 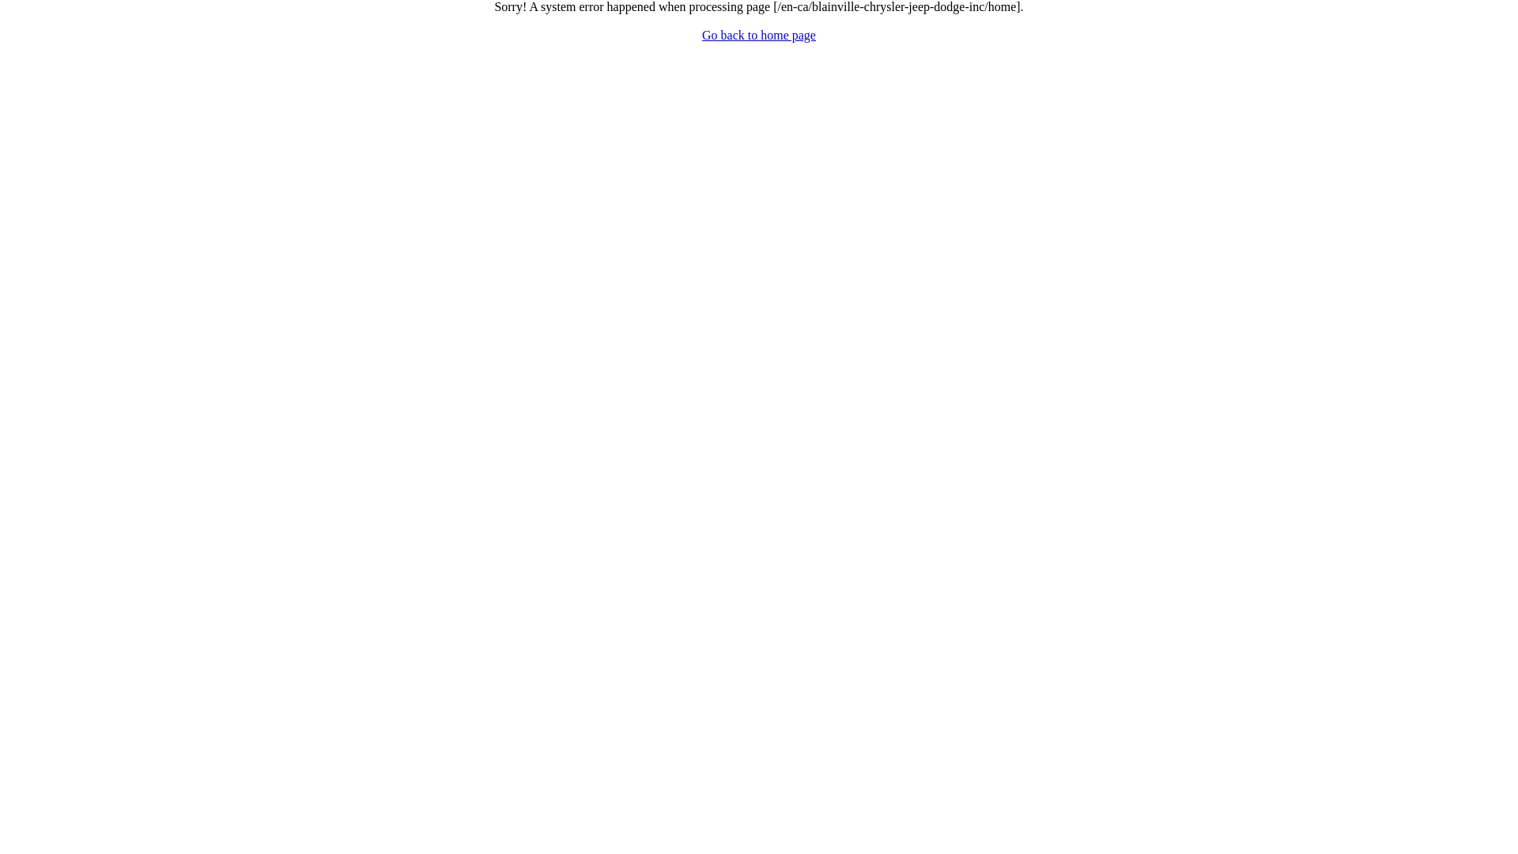 What do you see at coordinates (701, 35) in the screenshot?
I see `'Go back to home page'` at bounding box center [701, 35].